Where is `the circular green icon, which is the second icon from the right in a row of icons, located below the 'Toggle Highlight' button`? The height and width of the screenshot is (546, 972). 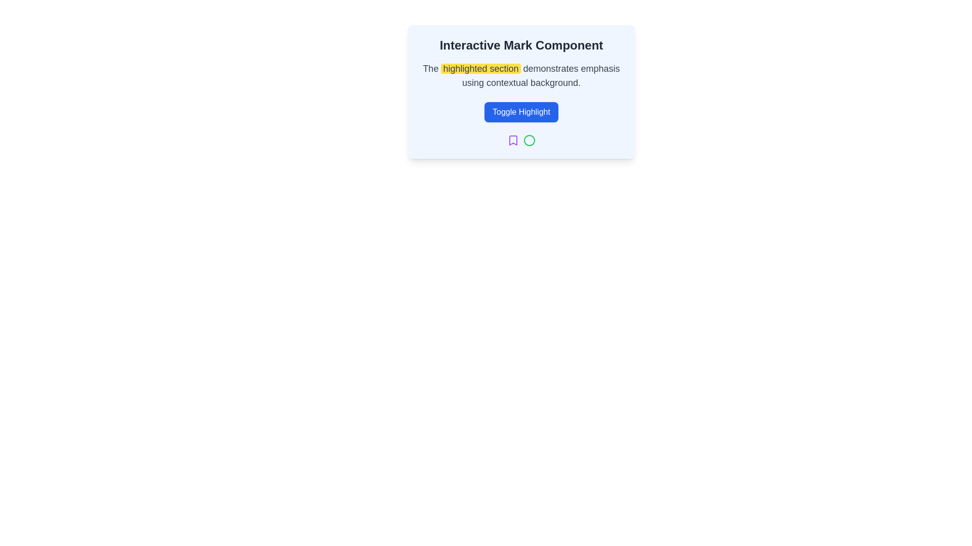 the circular green icon, which is the second icon from the right in a row of icons, located below the 'Toggle Highlight' button is located at coordinates (529, 140).